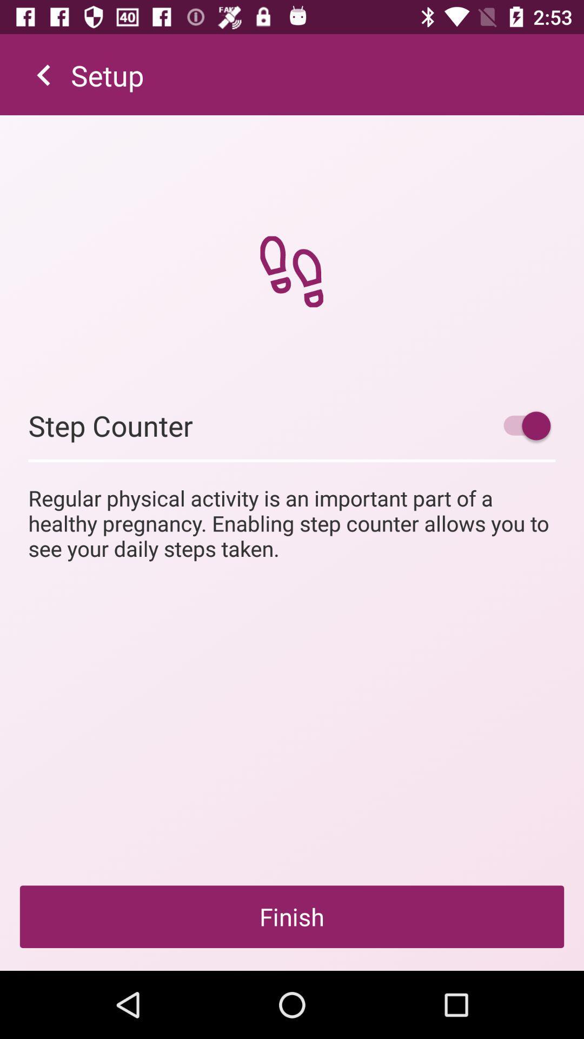  I want to click on the finish, so click(292, 916).